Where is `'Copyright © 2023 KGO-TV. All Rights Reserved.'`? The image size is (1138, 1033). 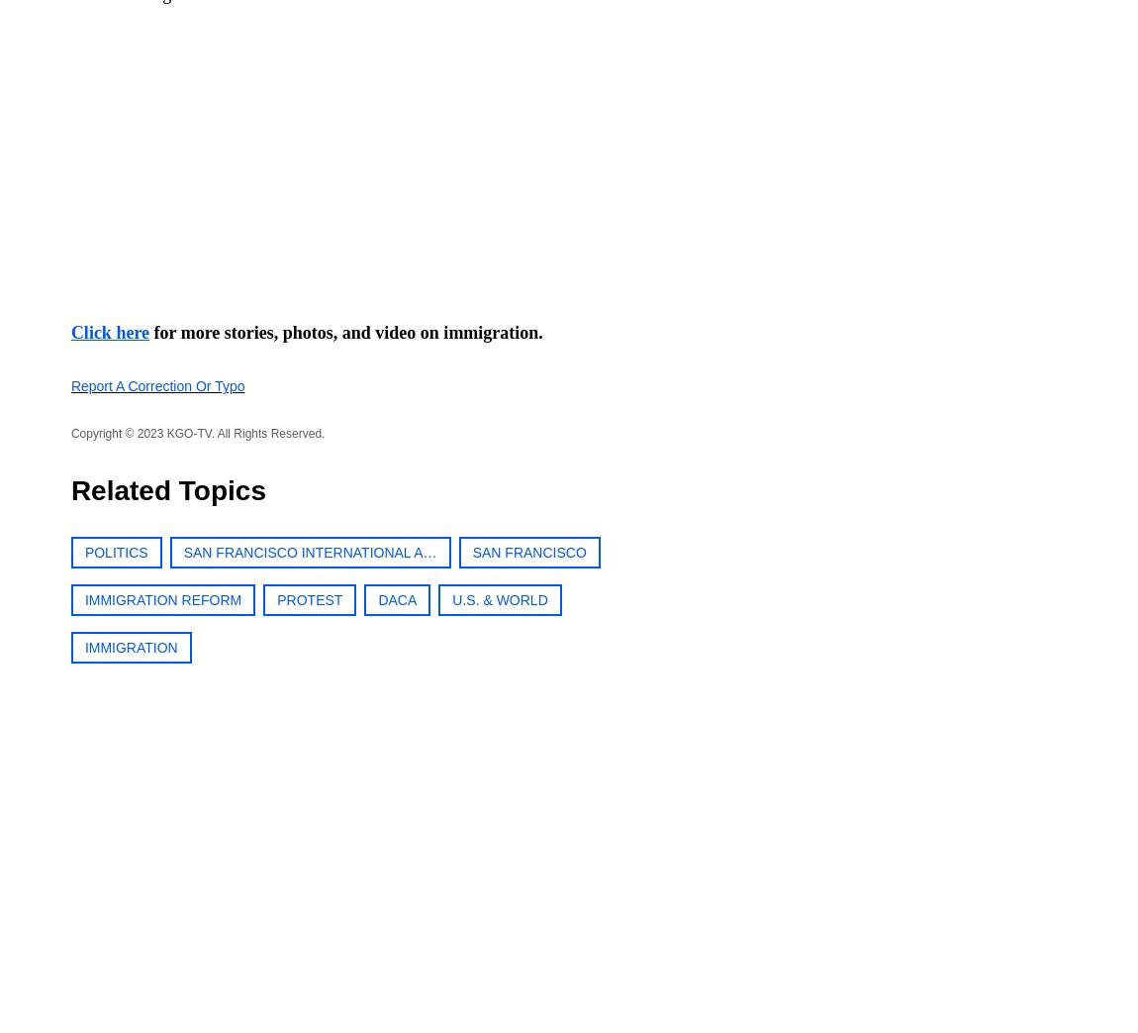
'Copyright © 2023 KGO-TV. All Rights Reserved.' is located at coordinates (196, 433).